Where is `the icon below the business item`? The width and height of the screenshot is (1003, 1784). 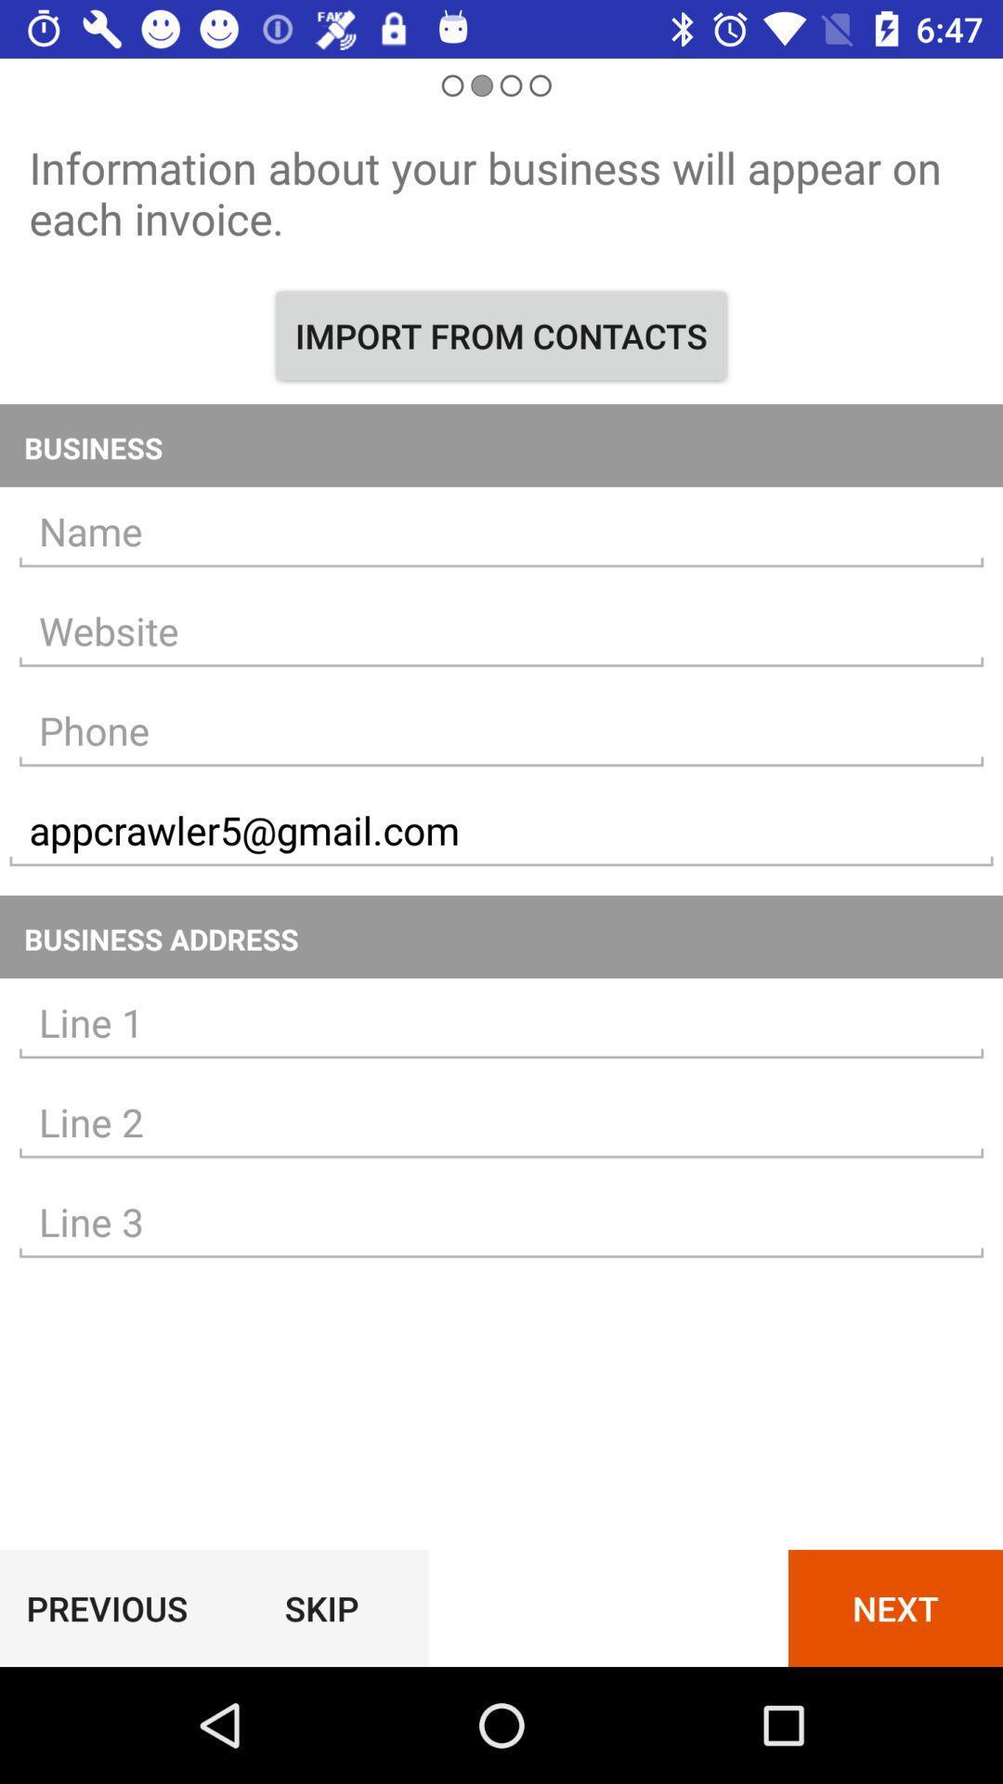 the icon below the business item is located at coordinates (501, 531).